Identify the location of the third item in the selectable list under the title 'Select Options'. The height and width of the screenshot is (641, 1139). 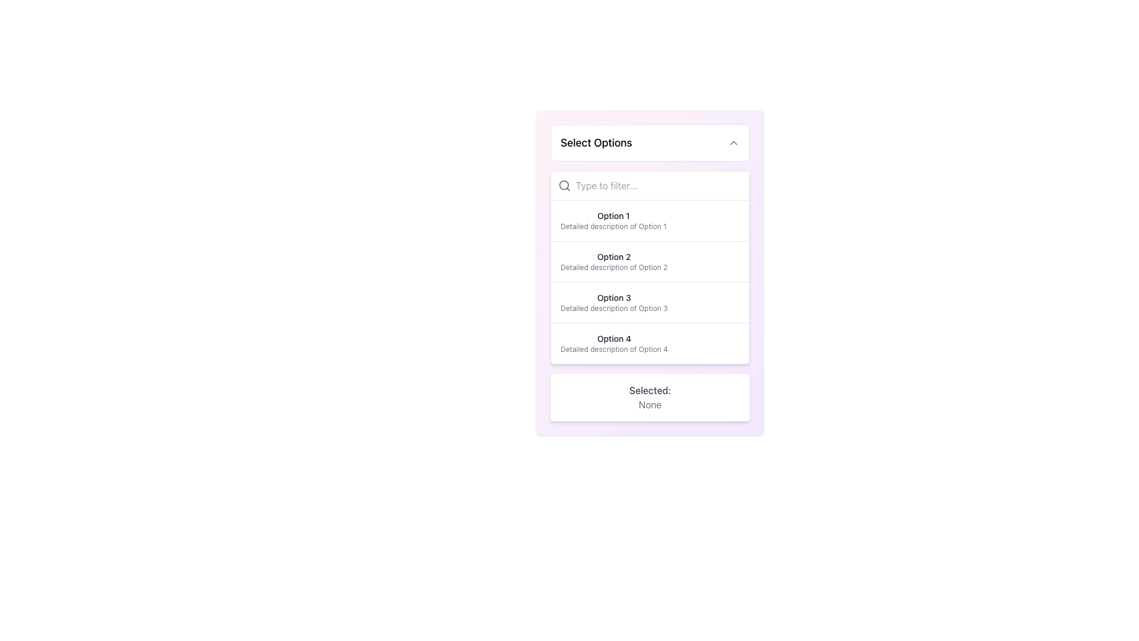
(614, 302).